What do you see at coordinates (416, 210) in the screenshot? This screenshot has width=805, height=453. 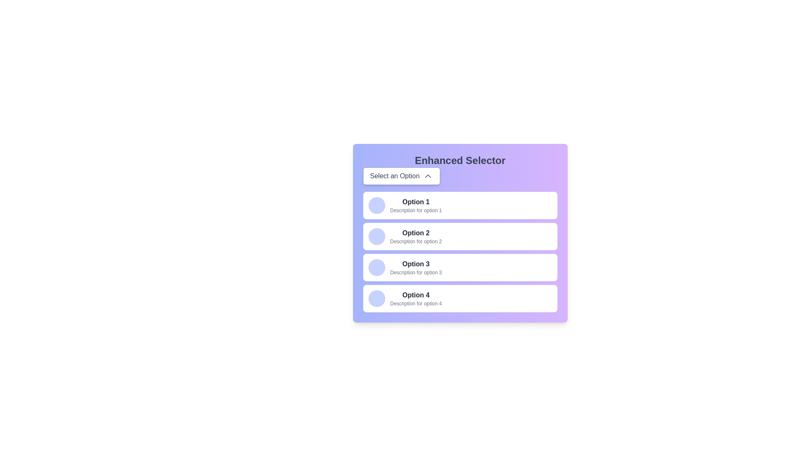 I see `the text element displaying 'Description for option 1', which is styled with a small font size and gray color, located directly below 'Option 1'` at bounding box center [416, 210].